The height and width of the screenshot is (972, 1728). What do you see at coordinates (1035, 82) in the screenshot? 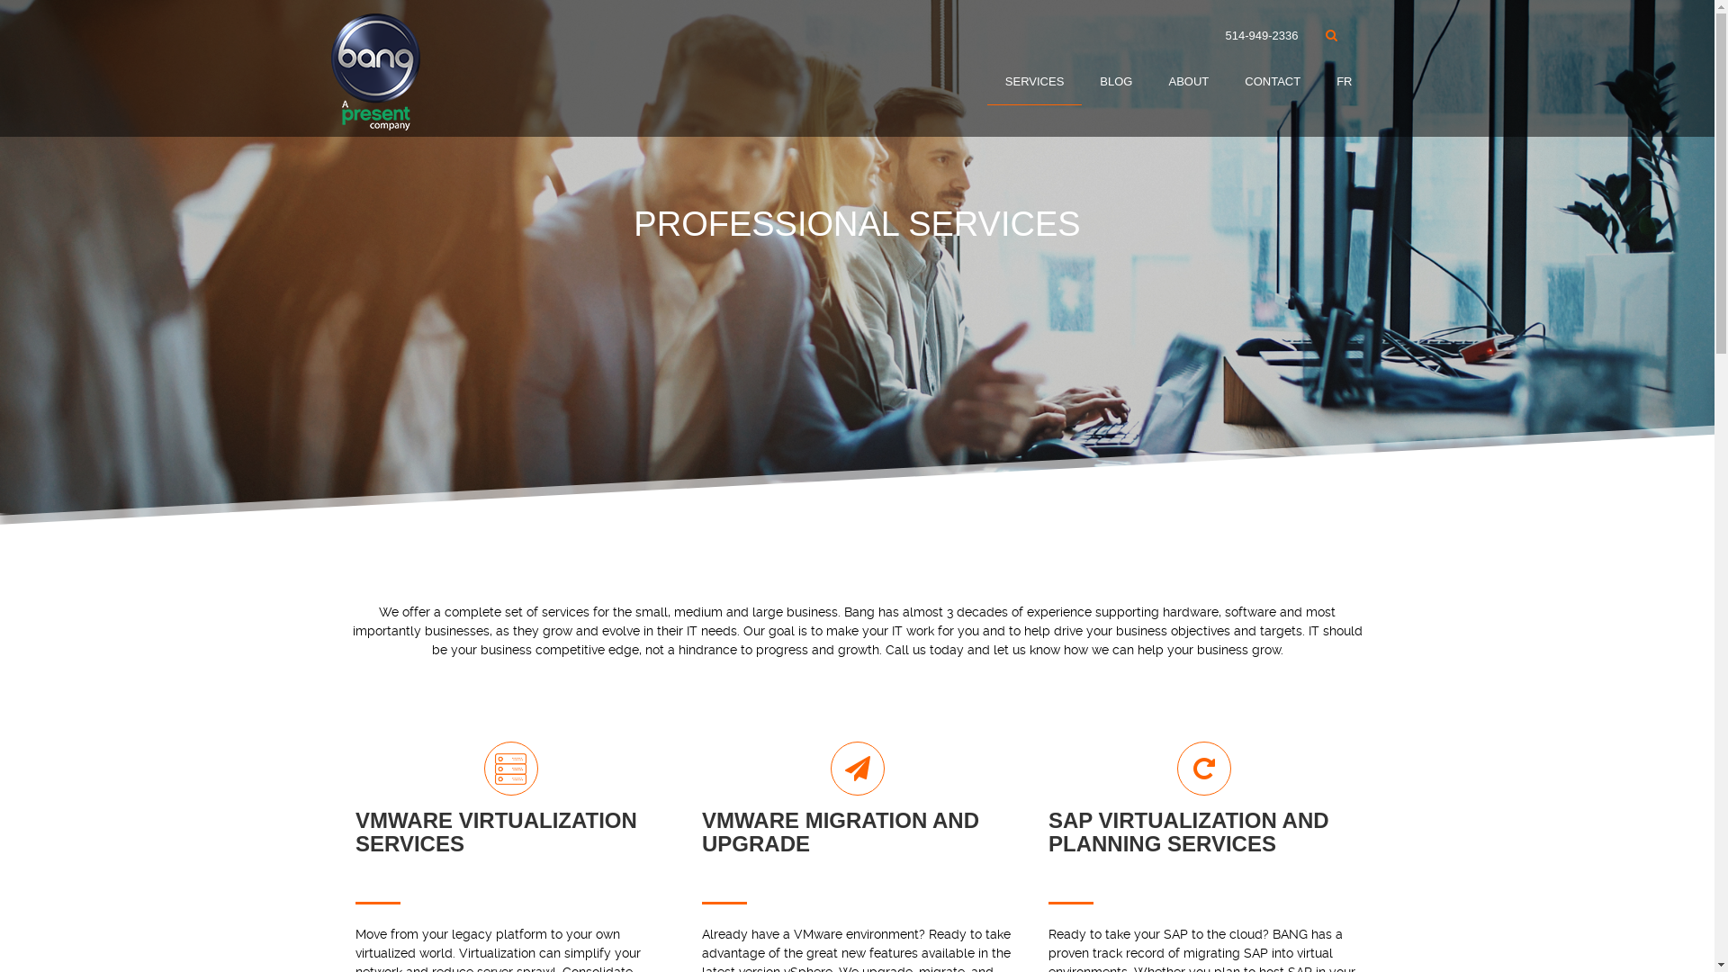
I see `'SERVICES'` at bounding box center [1035, 82].